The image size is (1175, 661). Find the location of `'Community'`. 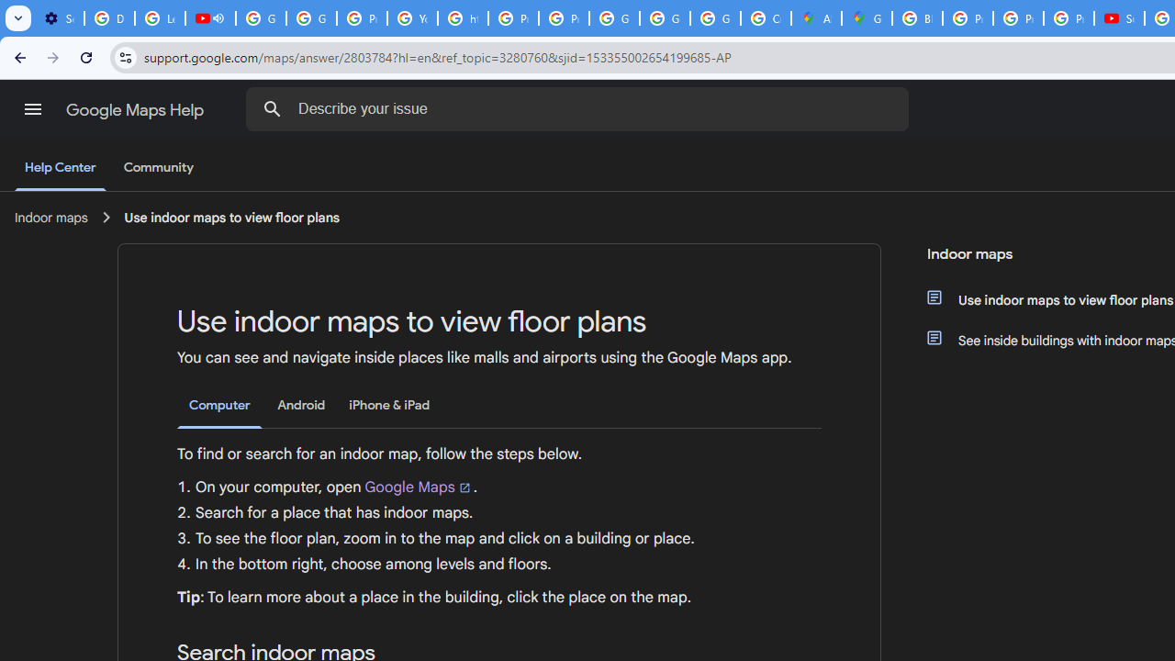

'Community' is located at coordinates (158, 168).